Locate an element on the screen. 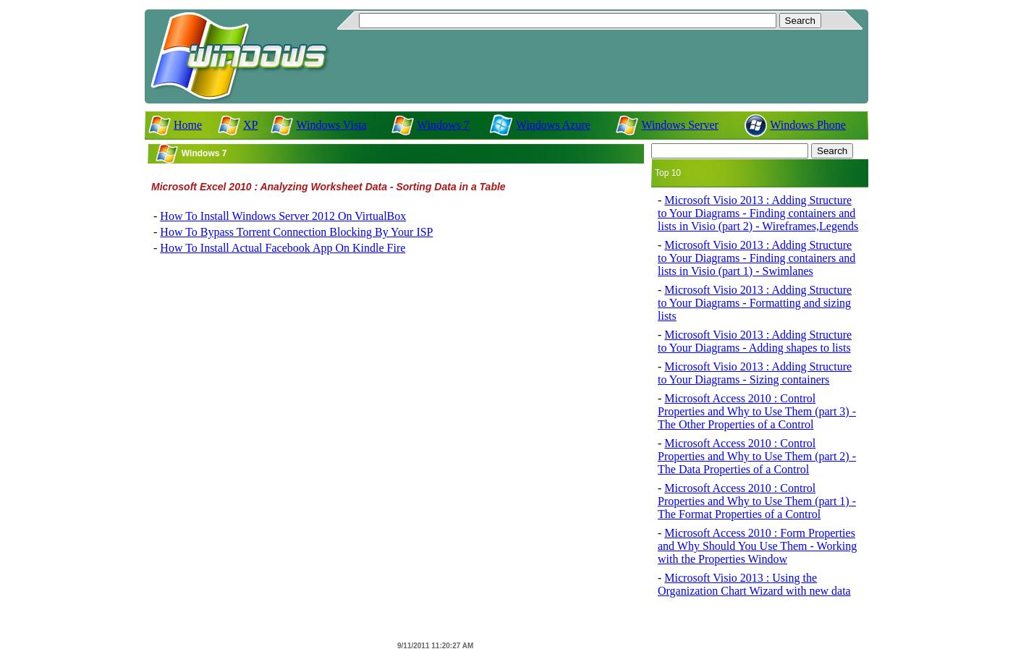  'Home' is located at coordinates (173, 124).